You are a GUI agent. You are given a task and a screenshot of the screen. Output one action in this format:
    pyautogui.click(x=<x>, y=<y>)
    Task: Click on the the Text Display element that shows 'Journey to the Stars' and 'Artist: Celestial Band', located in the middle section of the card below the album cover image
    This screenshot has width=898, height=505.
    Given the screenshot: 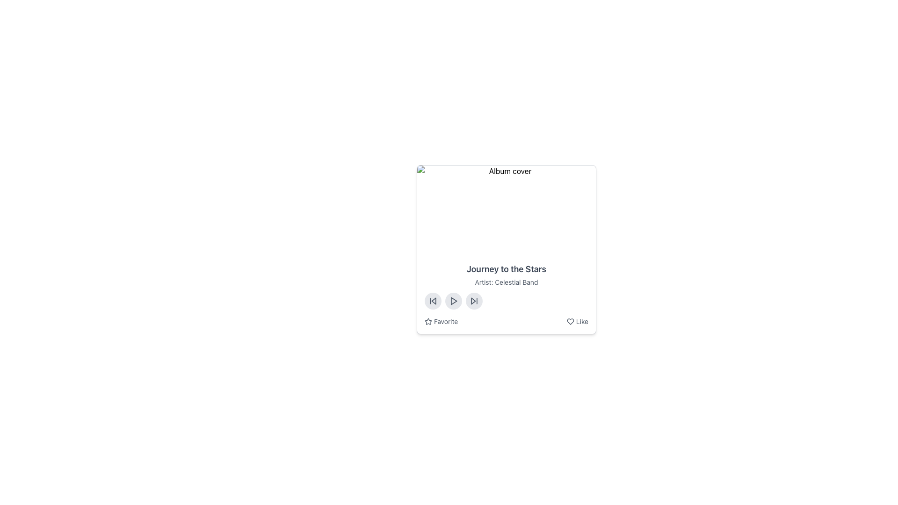 What is the action you would take?
    pyautogui.click(x=506, y=286)
    